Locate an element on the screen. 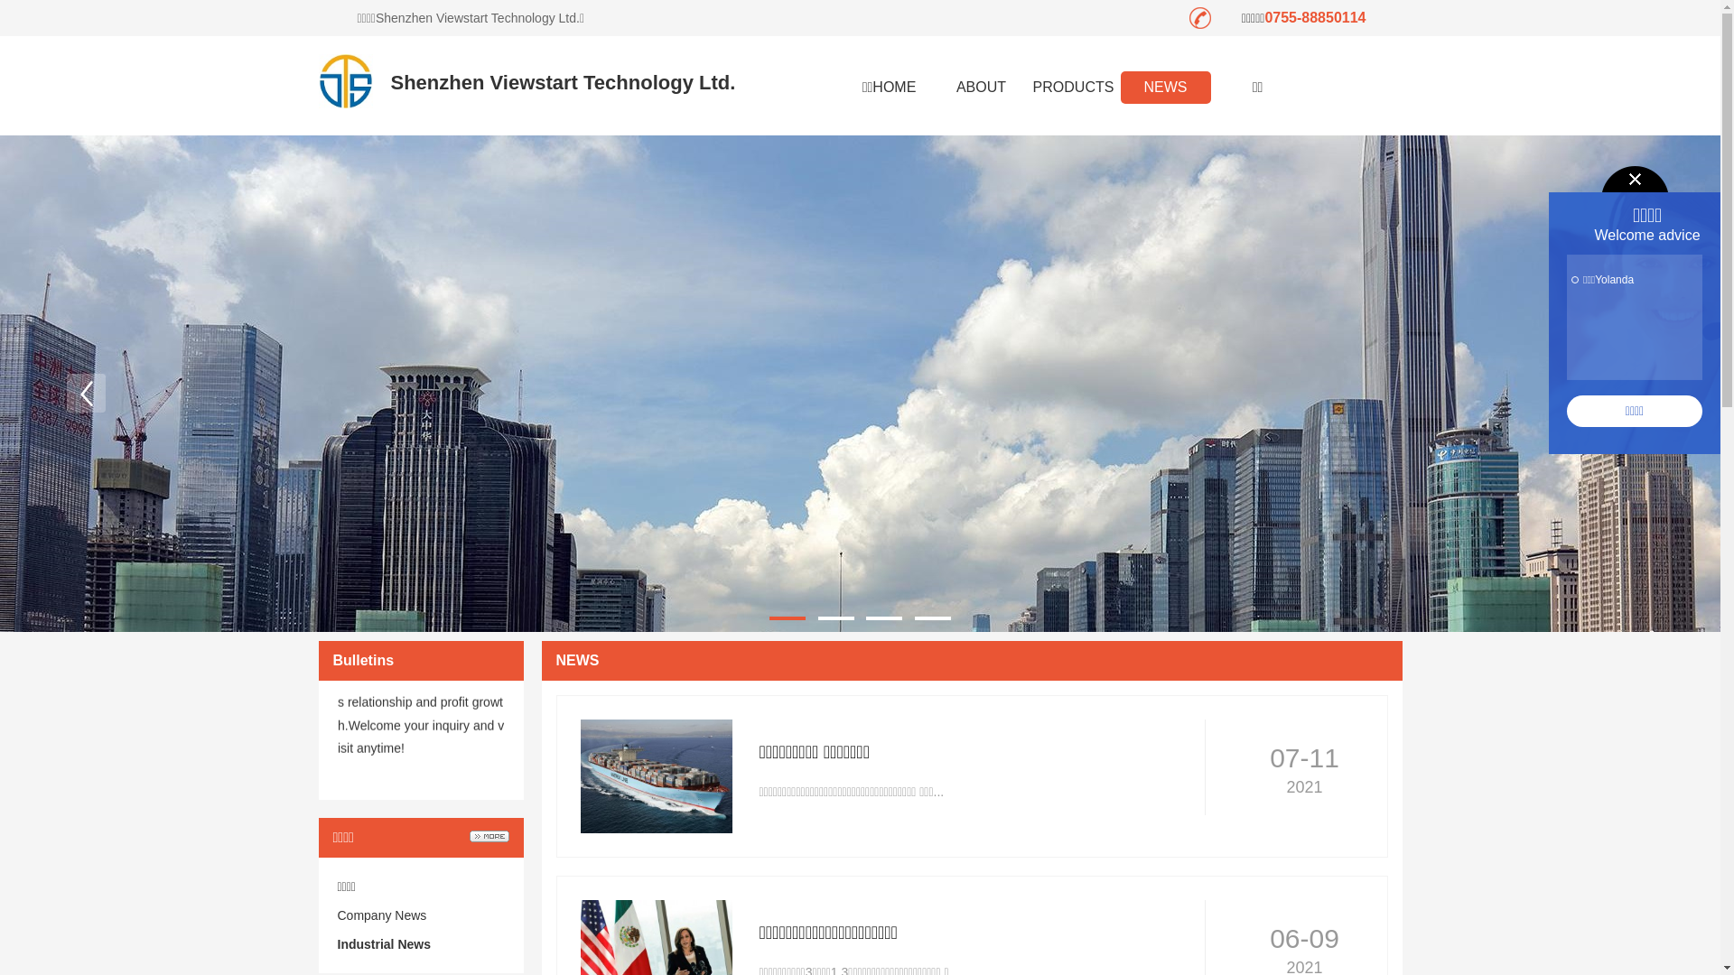 The height and width of the screenshot is (975, 1734). 'ABOUT' is located at coordinates (979, 87).